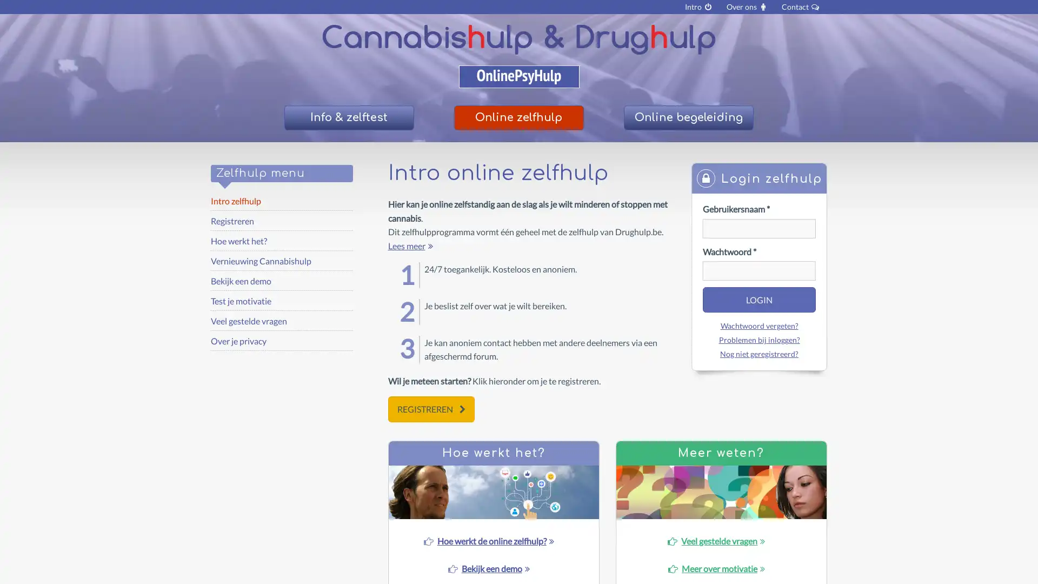  What do you see at coordinates (687, 118) in the screenshot?
I see `Online begeleiding` at bounding box center [687, 118].